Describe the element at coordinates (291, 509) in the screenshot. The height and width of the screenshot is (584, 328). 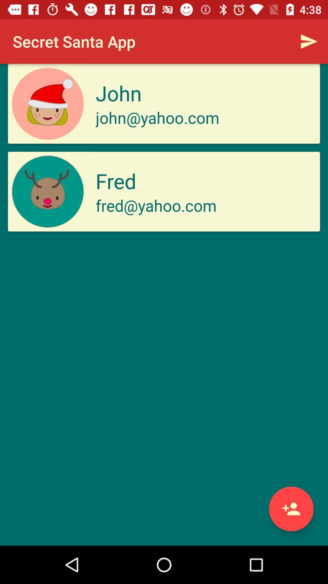
I see `the follow icon` at that location.